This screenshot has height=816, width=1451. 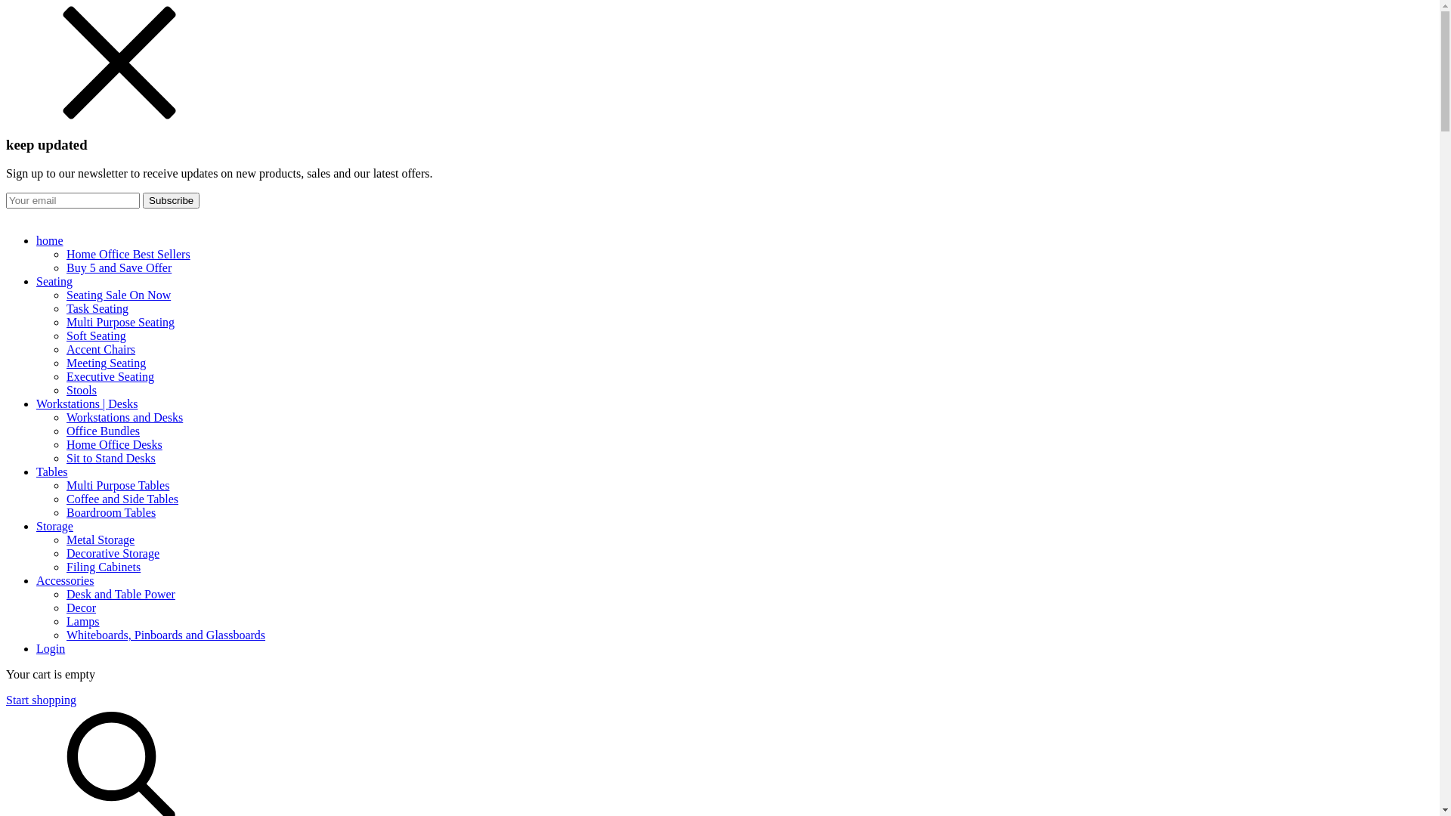 I want to click on 'Multi Purpose Tables', so click(x=117, y=485).